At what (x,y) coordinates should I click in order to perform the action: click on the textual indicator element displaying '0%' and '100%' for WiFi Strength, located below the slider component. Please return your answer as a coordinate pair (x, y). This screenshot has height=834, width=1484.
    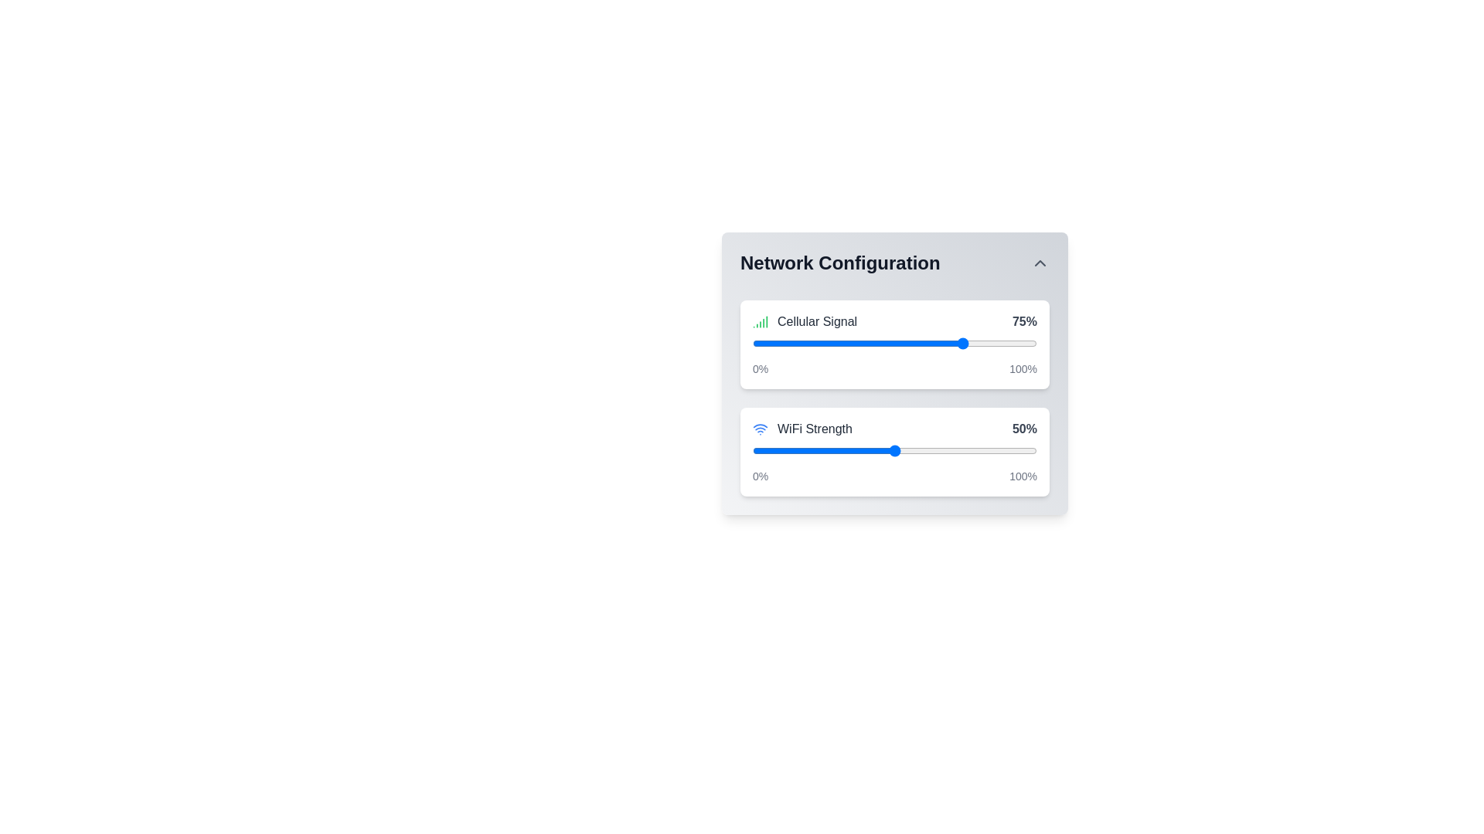
    Looking at the image, I should click on (894, 476).